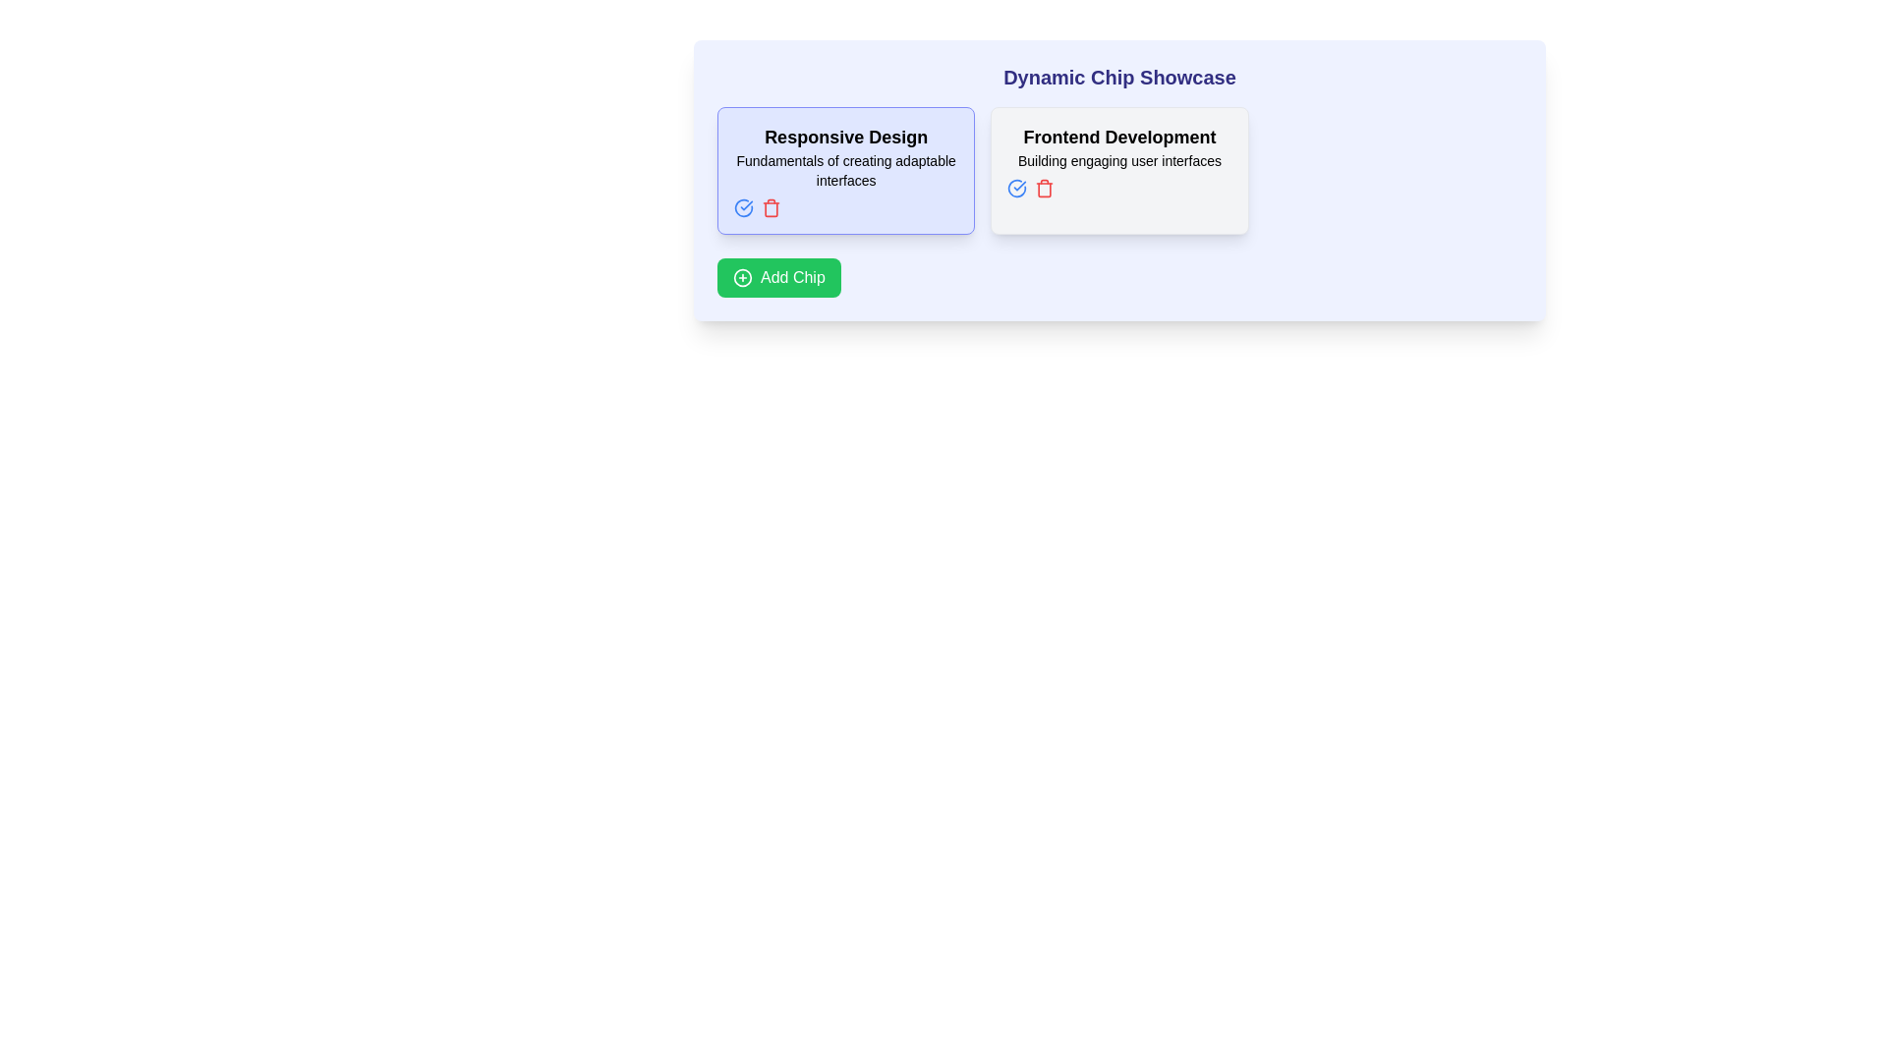 The height and width of the screenshot is (1061, 1887). I want to click on the trash icon button located in the 'Frontend Development' card under the 'Dynamic Chip Showcase' header to initiate the delete action, so click(1044, 189).